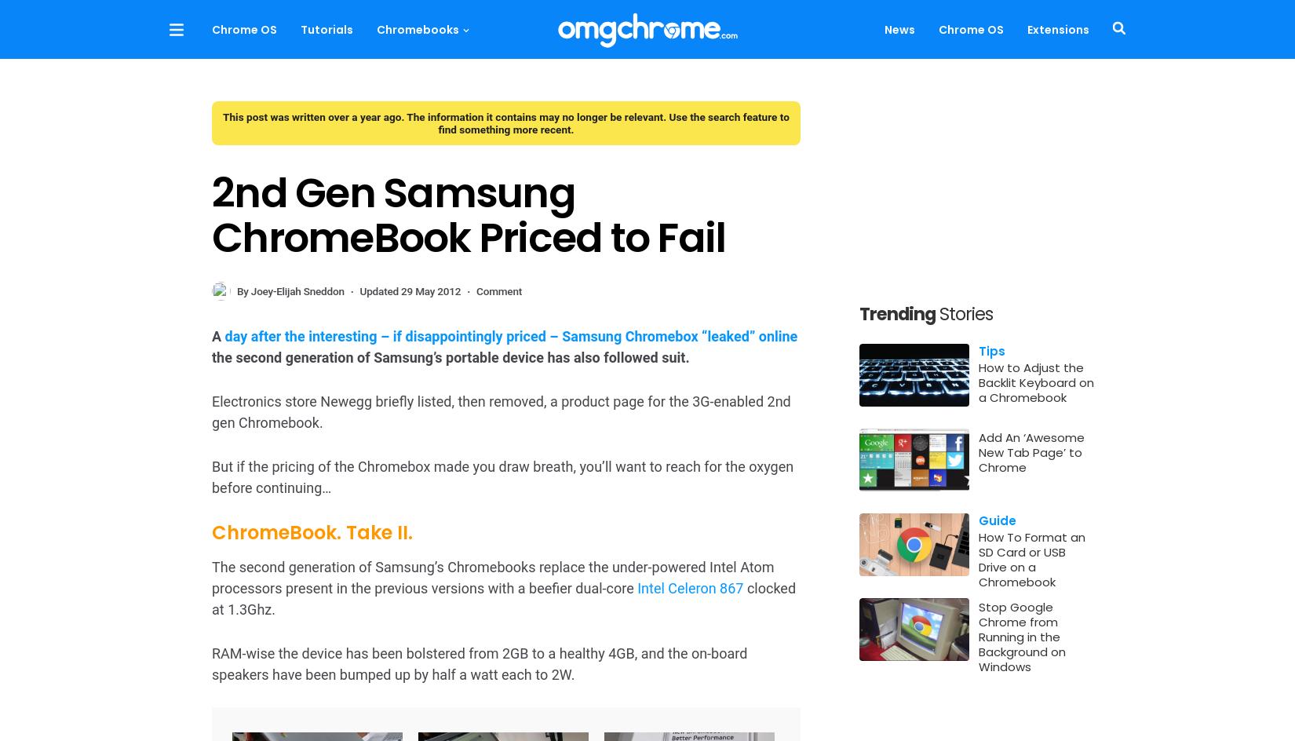 The height and width of the screenshot is (741, 1295). Describe the element at coordinates (211, 455) in the screenshot. I see `'No mention is made of any external connectivity by way of a HDMI or VGA port (the latter of which was available on the Samsung Series 5 by way of a micro-adapter).'` at that location.